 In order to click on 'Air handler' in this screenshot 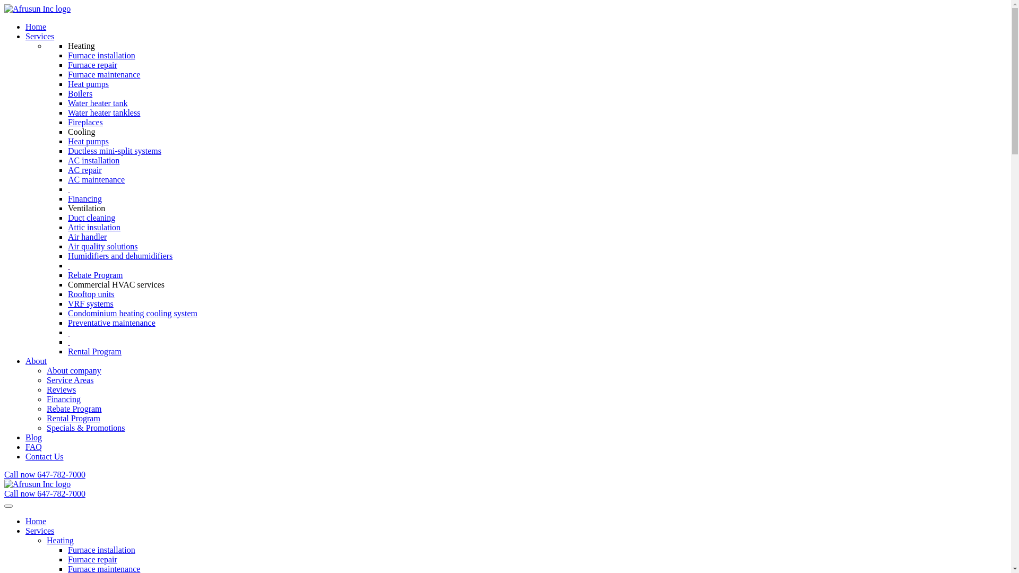, I will do `click(67, 236)`.